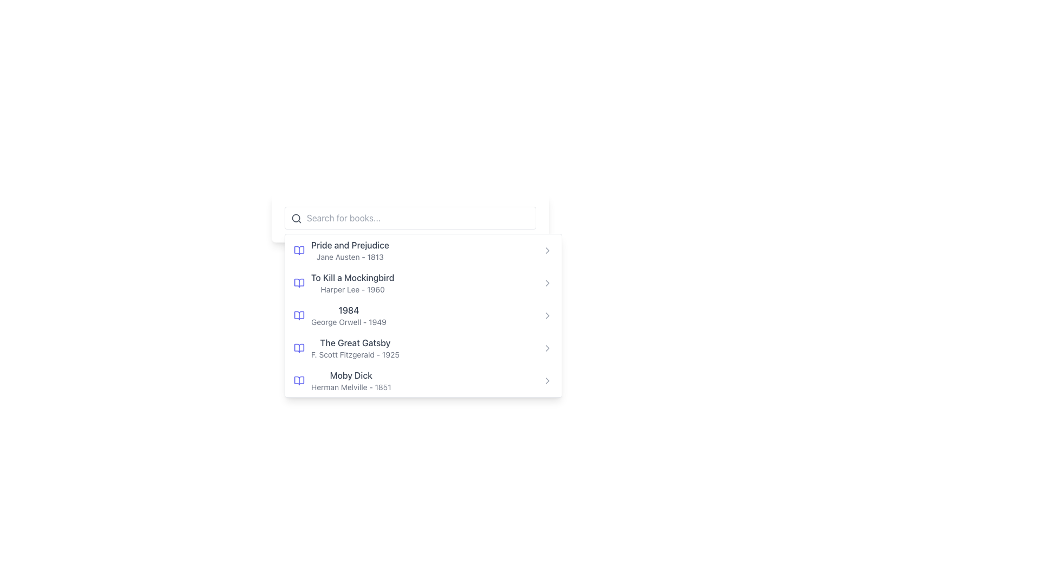 The width and height of the screenshot is (1041, 586). I want to click on the Text Label displaying the author's name and publication year, so click(349, 322).